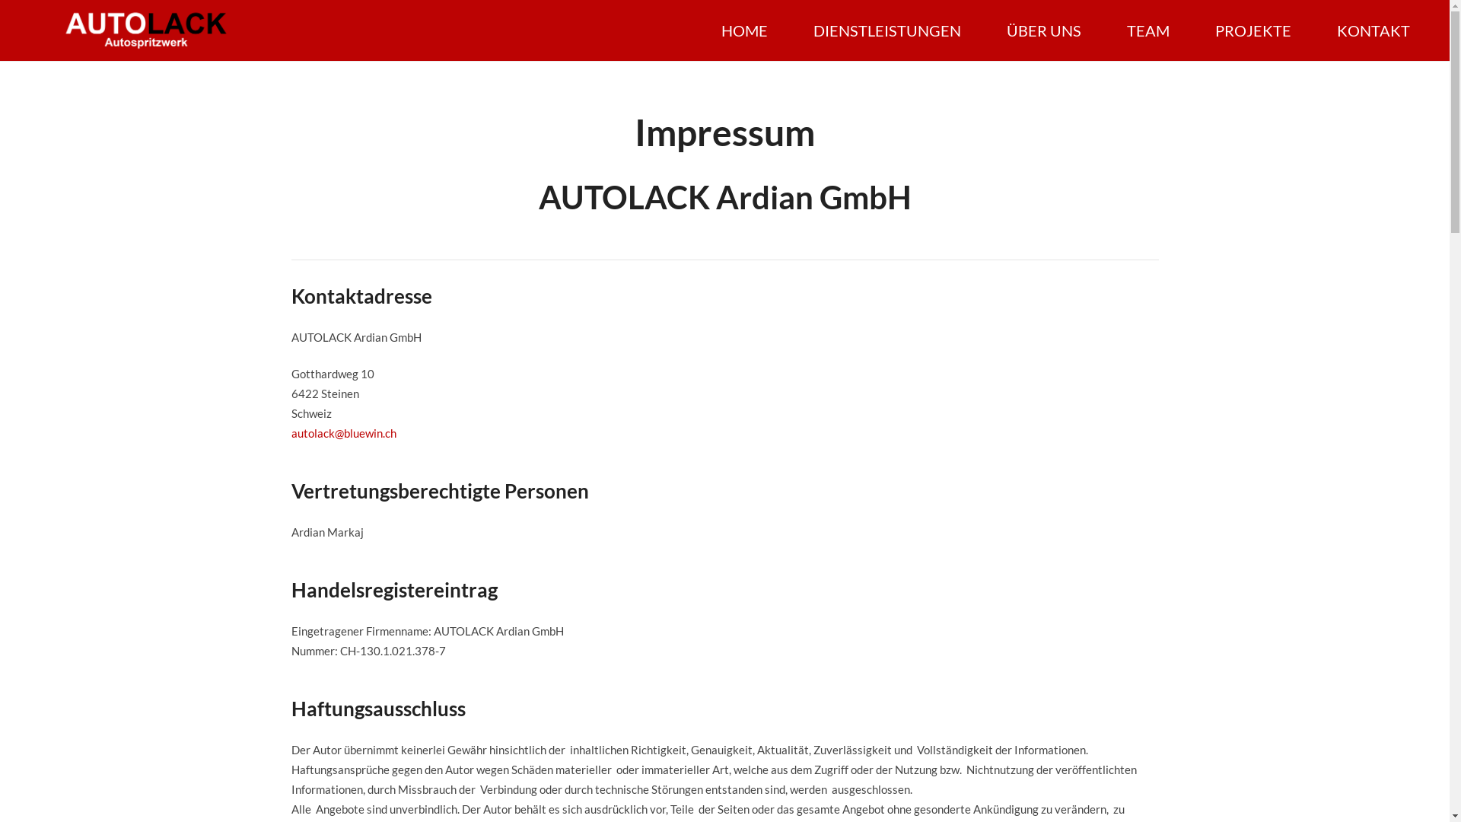 Image resolution: width=1461 pixels, height=822 pixels. I want to click on 'TEAM', so click(1147, 30).